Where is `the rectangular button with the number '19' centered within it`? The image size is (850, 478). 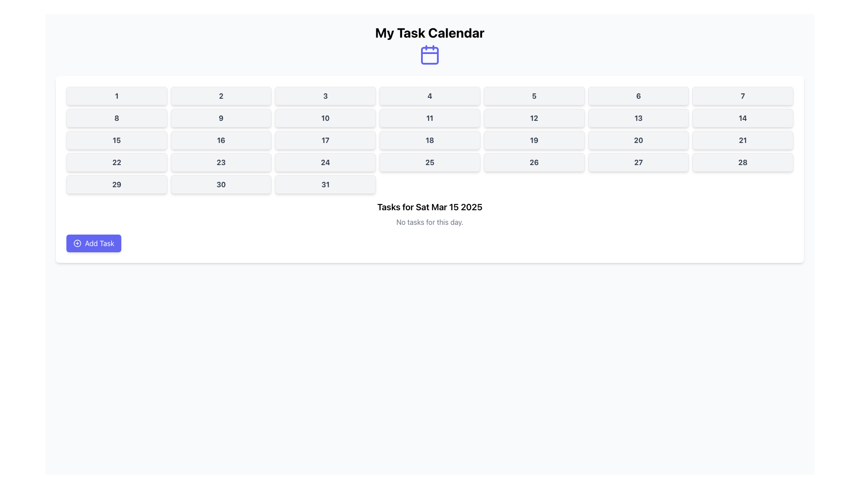 the rectangular button with the number '19' centered within it is located at coordinates (533, 139).